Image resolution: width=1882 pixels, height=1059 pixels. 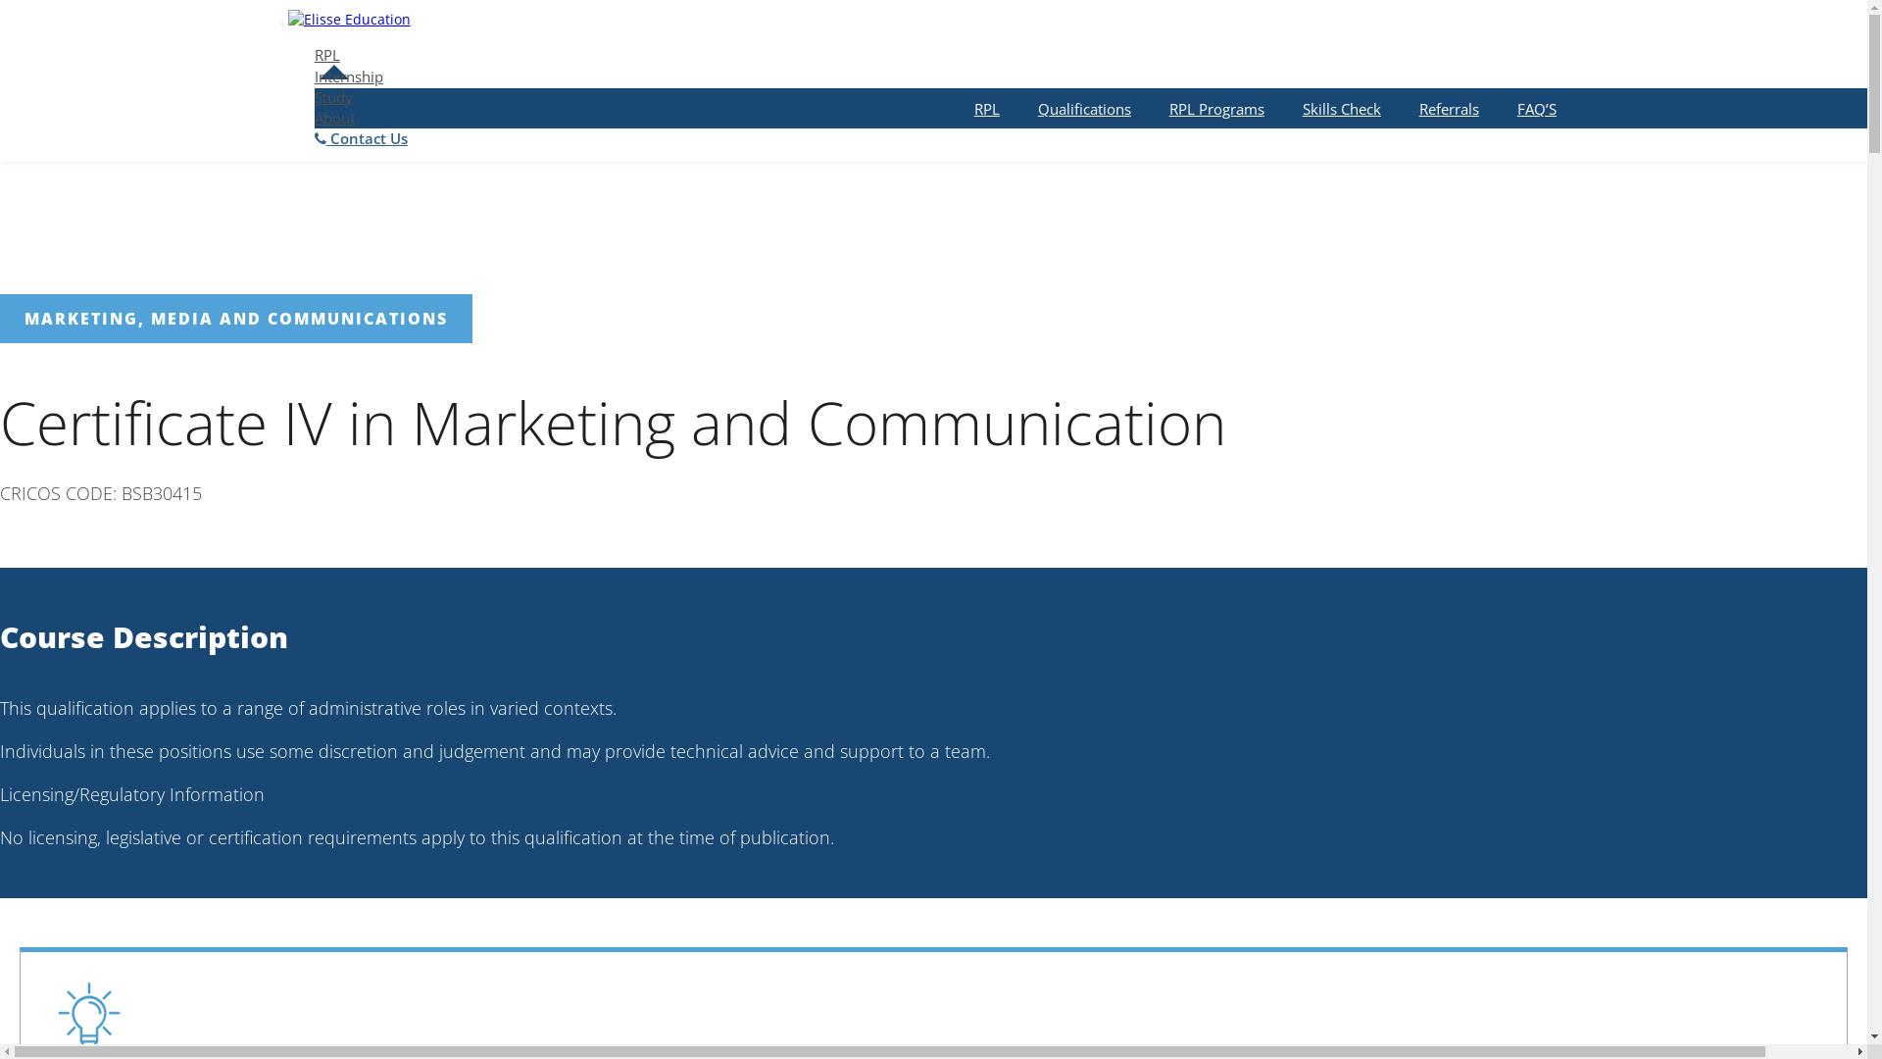 I want to click on 'RPL', so click(x=327, y=54).